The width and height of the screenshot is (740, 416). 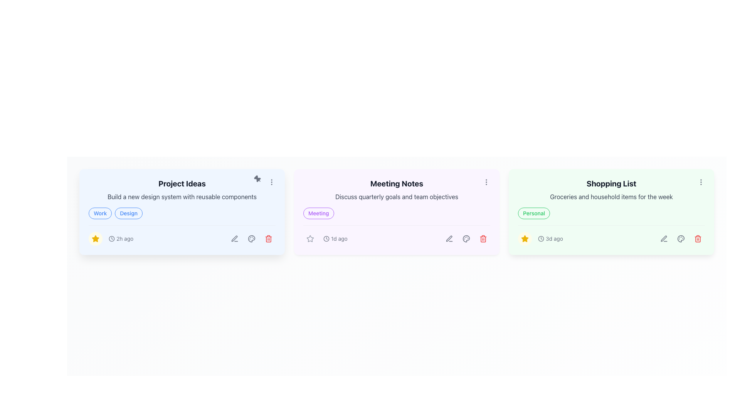 I want to click on the time indicator icon located on the bottom right side of the 'Shopping List' box, so click(x=540, y=238).